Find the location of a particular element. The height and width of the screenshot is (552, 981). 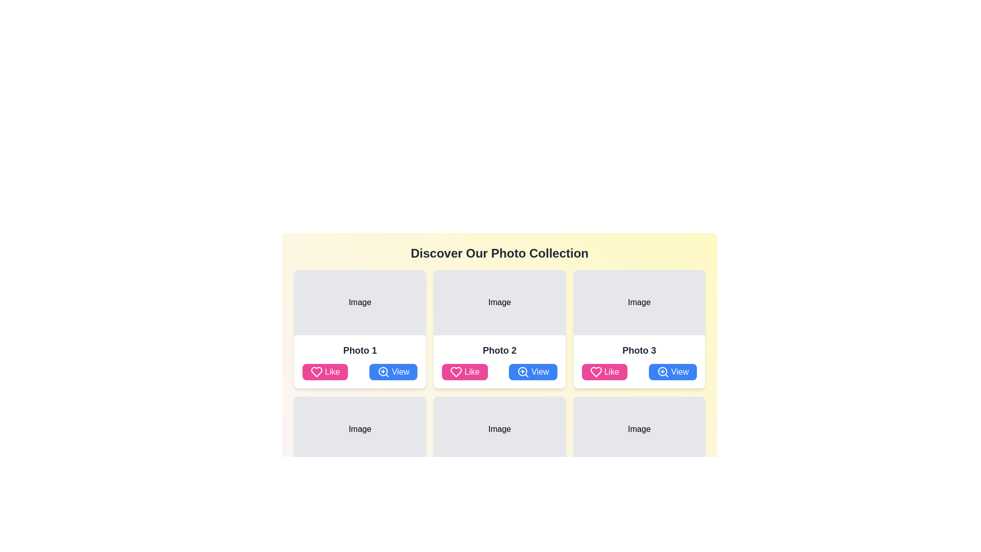

the zoom-in icon resembling a magnifying glass with a plus symbol, located within the 'View' button of the second item in the grid under 'Discover Our Photo Collection' is located at coordinates (523, 372).